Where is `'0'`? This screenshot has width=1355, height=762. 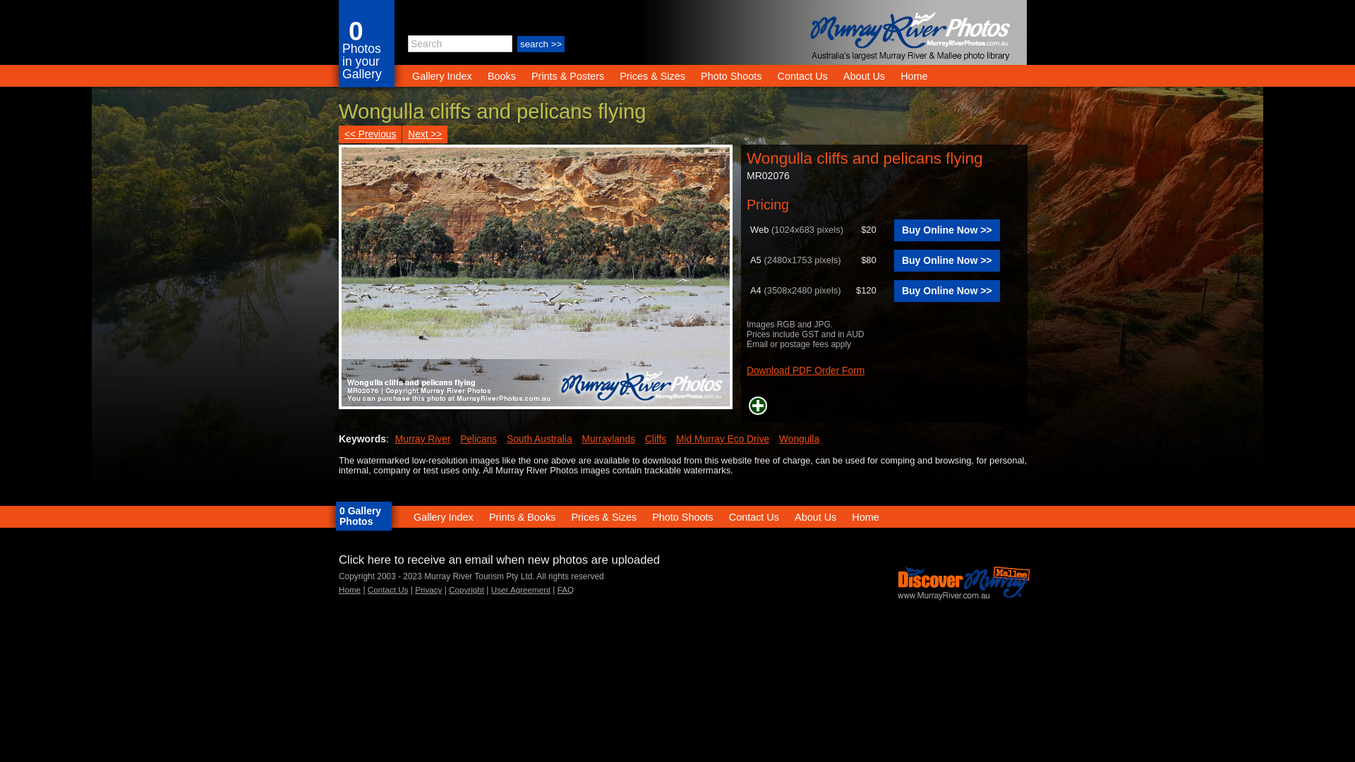 '0' is located at coordinates (356, 30).